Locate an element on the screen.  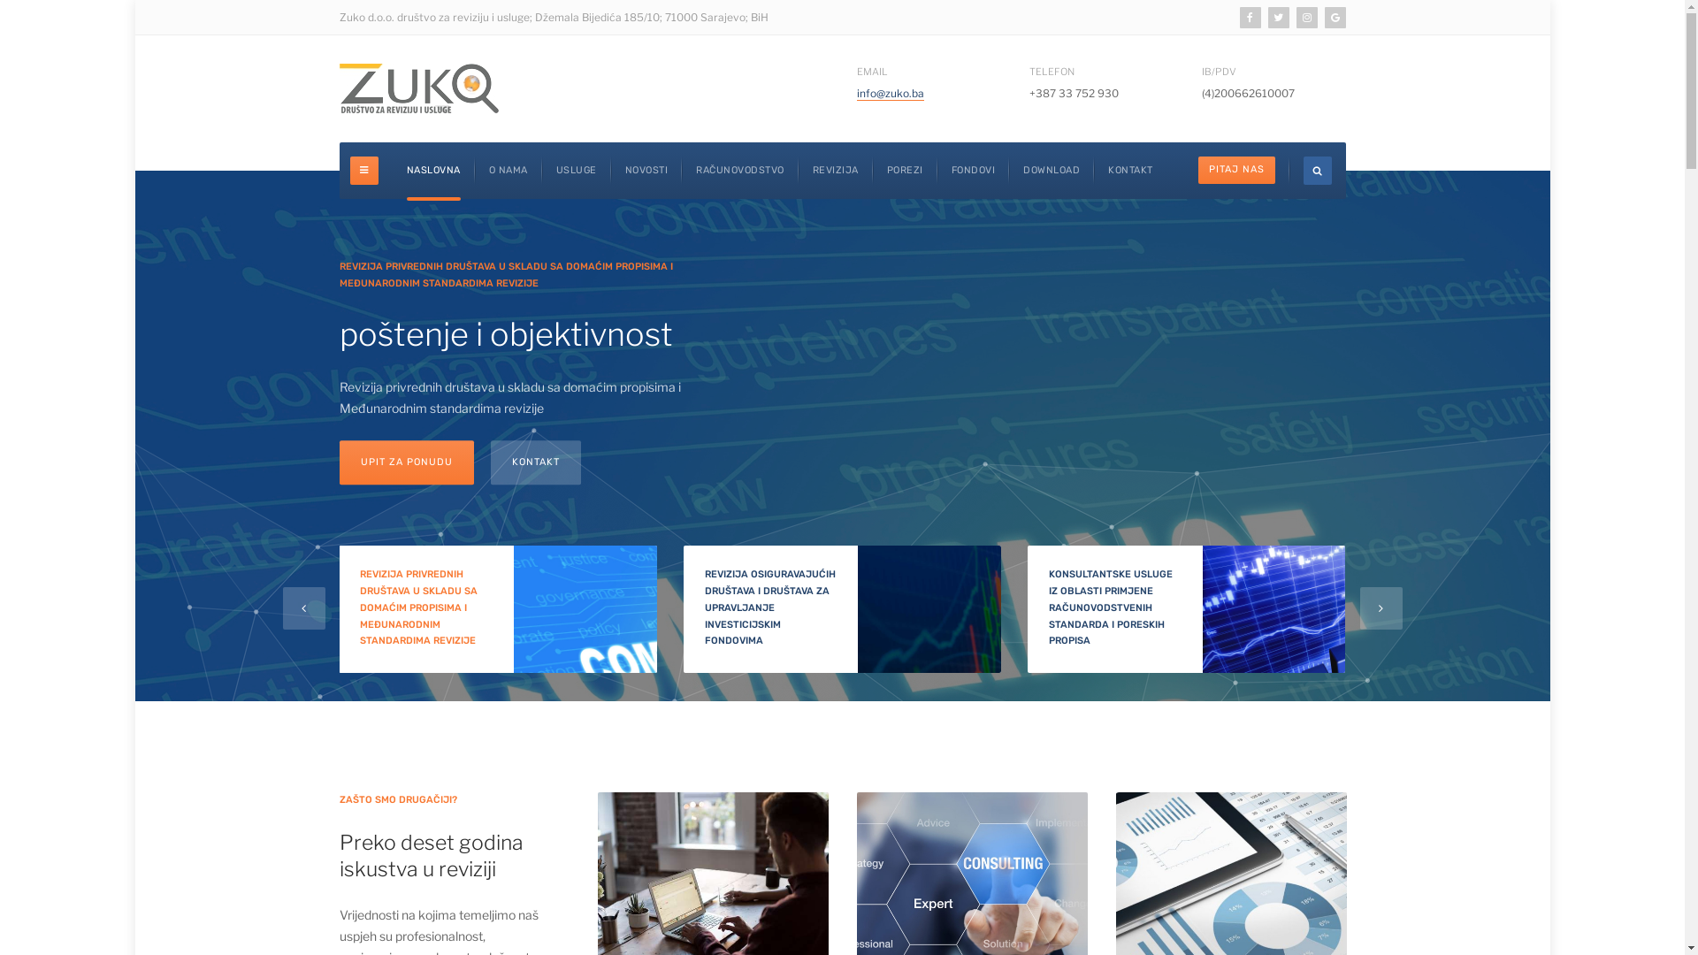
'NOVOSTI' is located at coordinates (645, 170).